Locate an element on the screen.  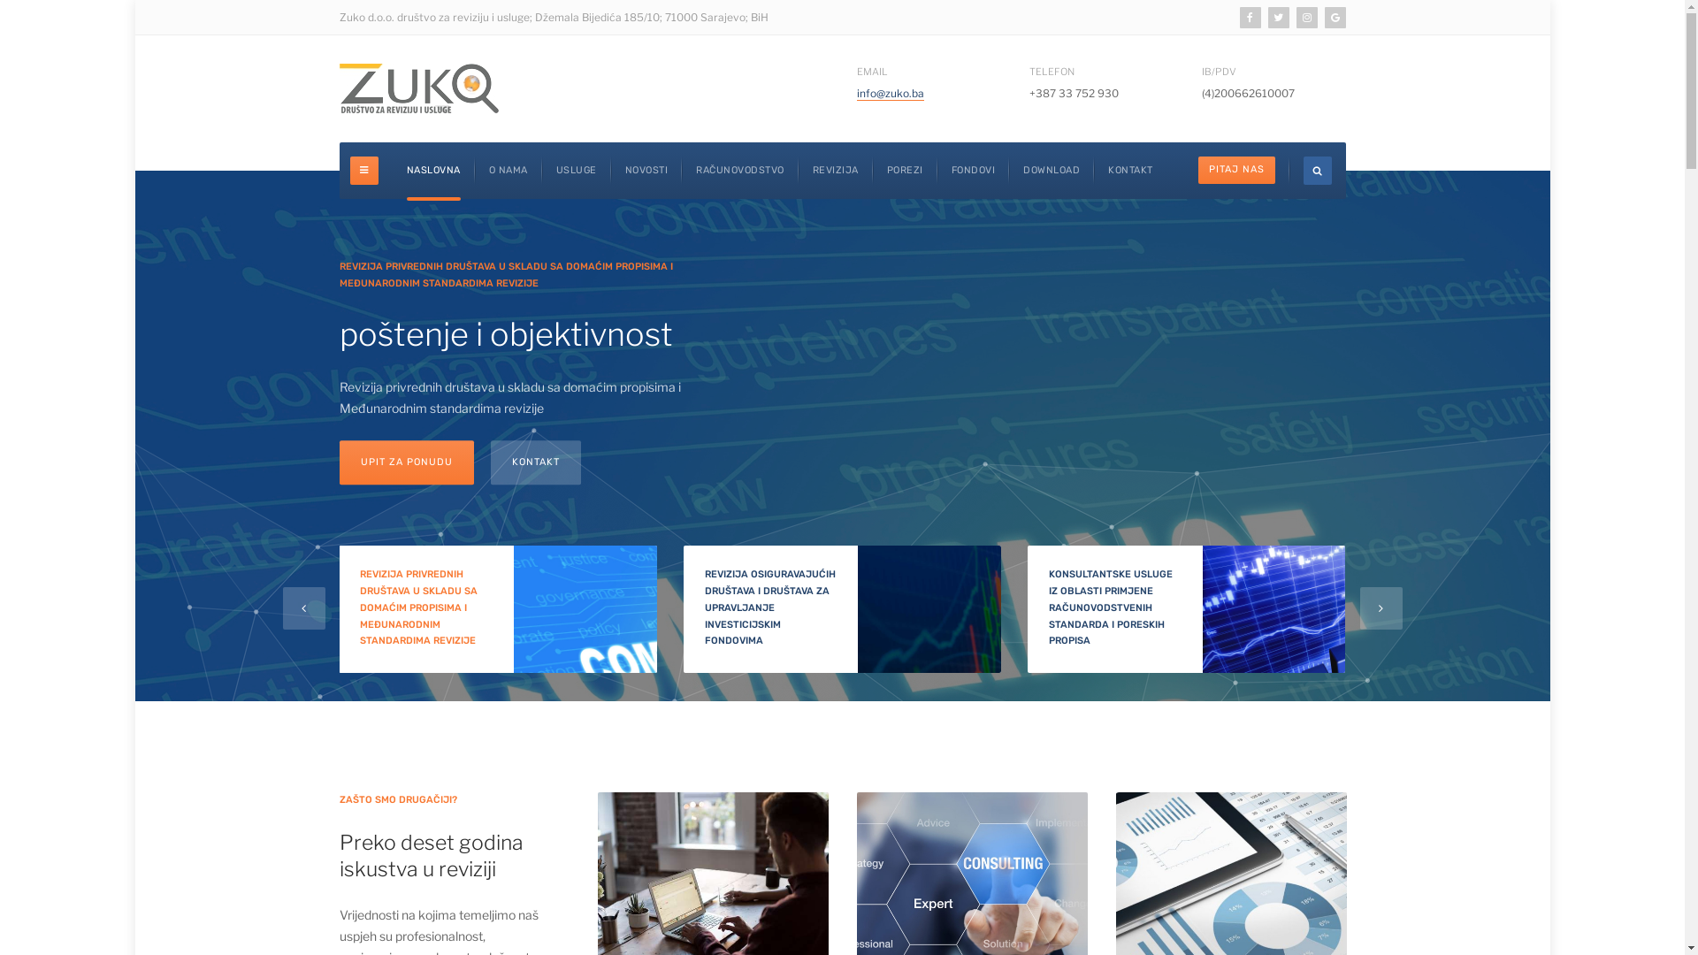
'NOVOSTI' is located at coordinates (645, 170).